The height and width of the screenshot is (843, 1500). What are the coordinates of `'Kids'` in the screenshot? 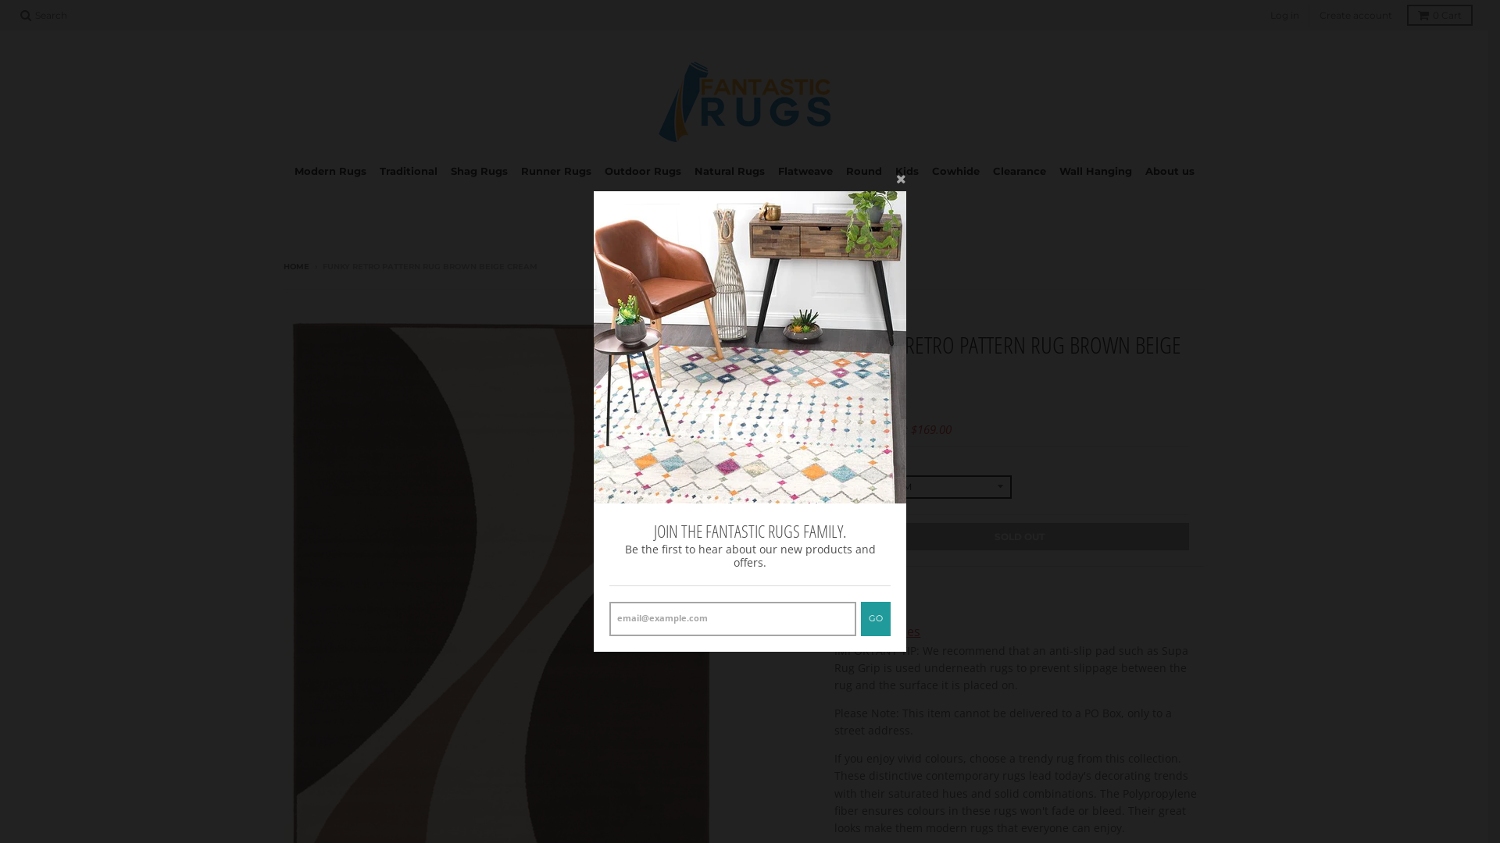 It's located at (906, 171).